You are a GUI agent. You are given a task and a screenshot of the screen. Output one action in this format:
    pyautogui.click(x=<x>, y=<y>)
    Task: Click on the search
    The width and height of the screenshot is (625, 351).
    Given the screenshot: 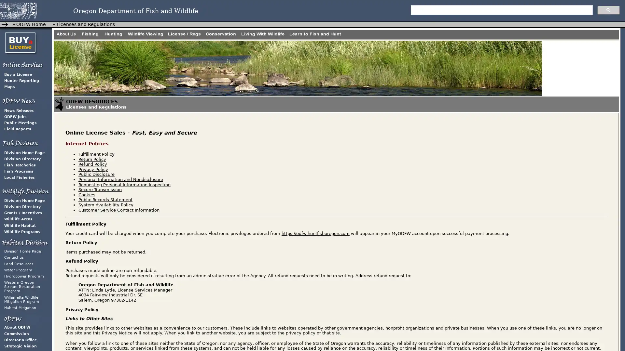 What is the action you would take?
    pyautogui.click(x=608, y=10)
    